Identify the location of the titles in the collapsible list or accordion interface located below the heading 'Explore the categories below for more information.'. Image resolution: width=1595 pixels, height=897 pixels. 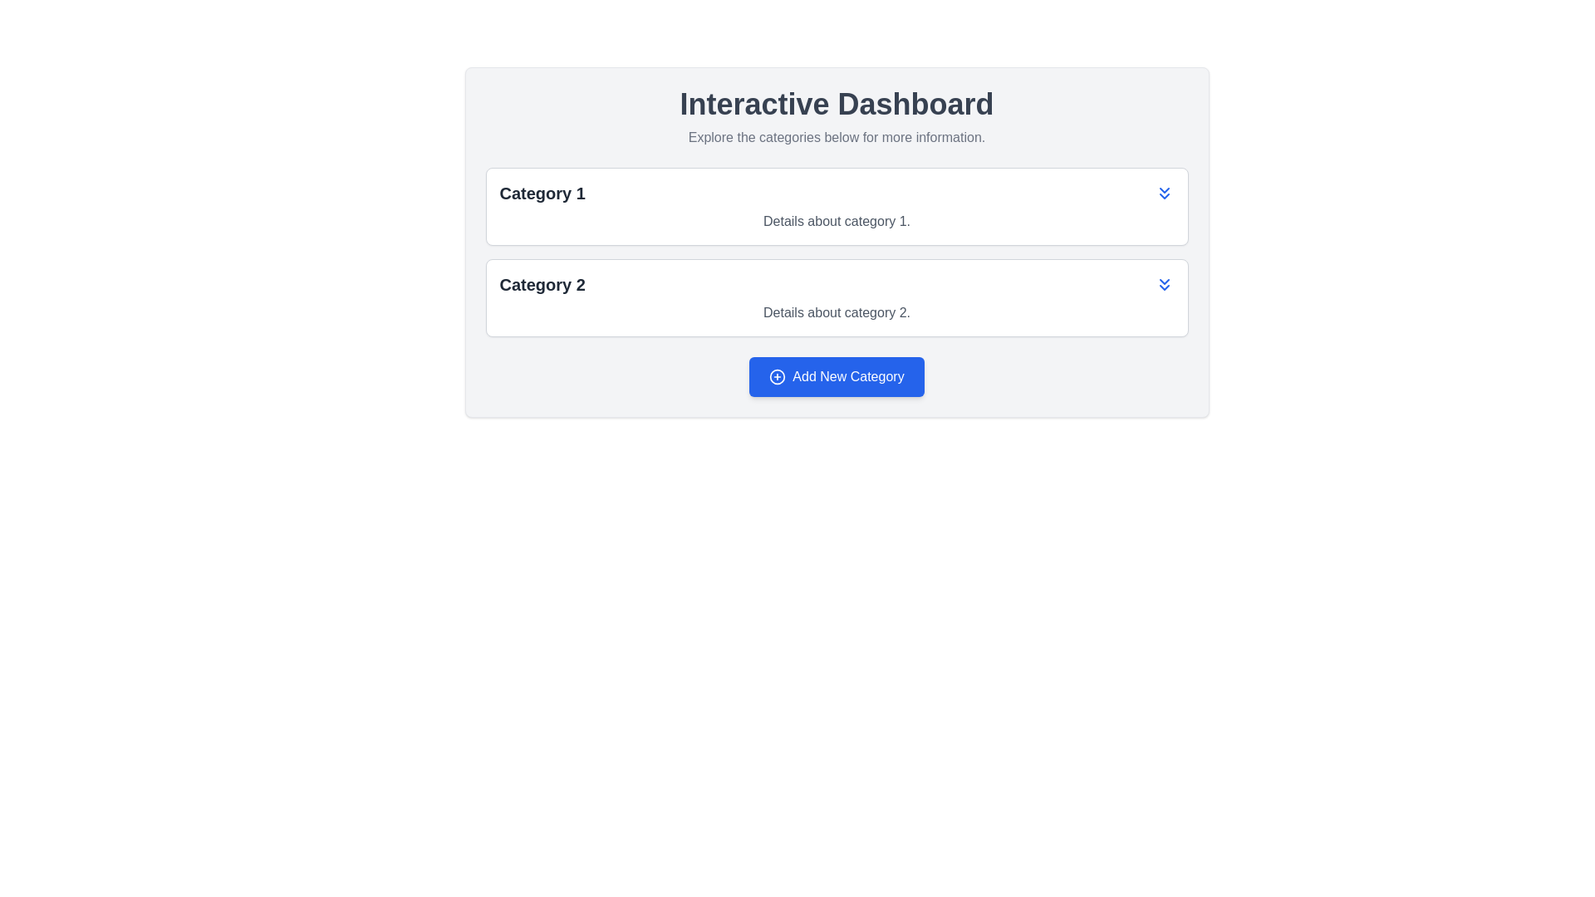
(837, 252).